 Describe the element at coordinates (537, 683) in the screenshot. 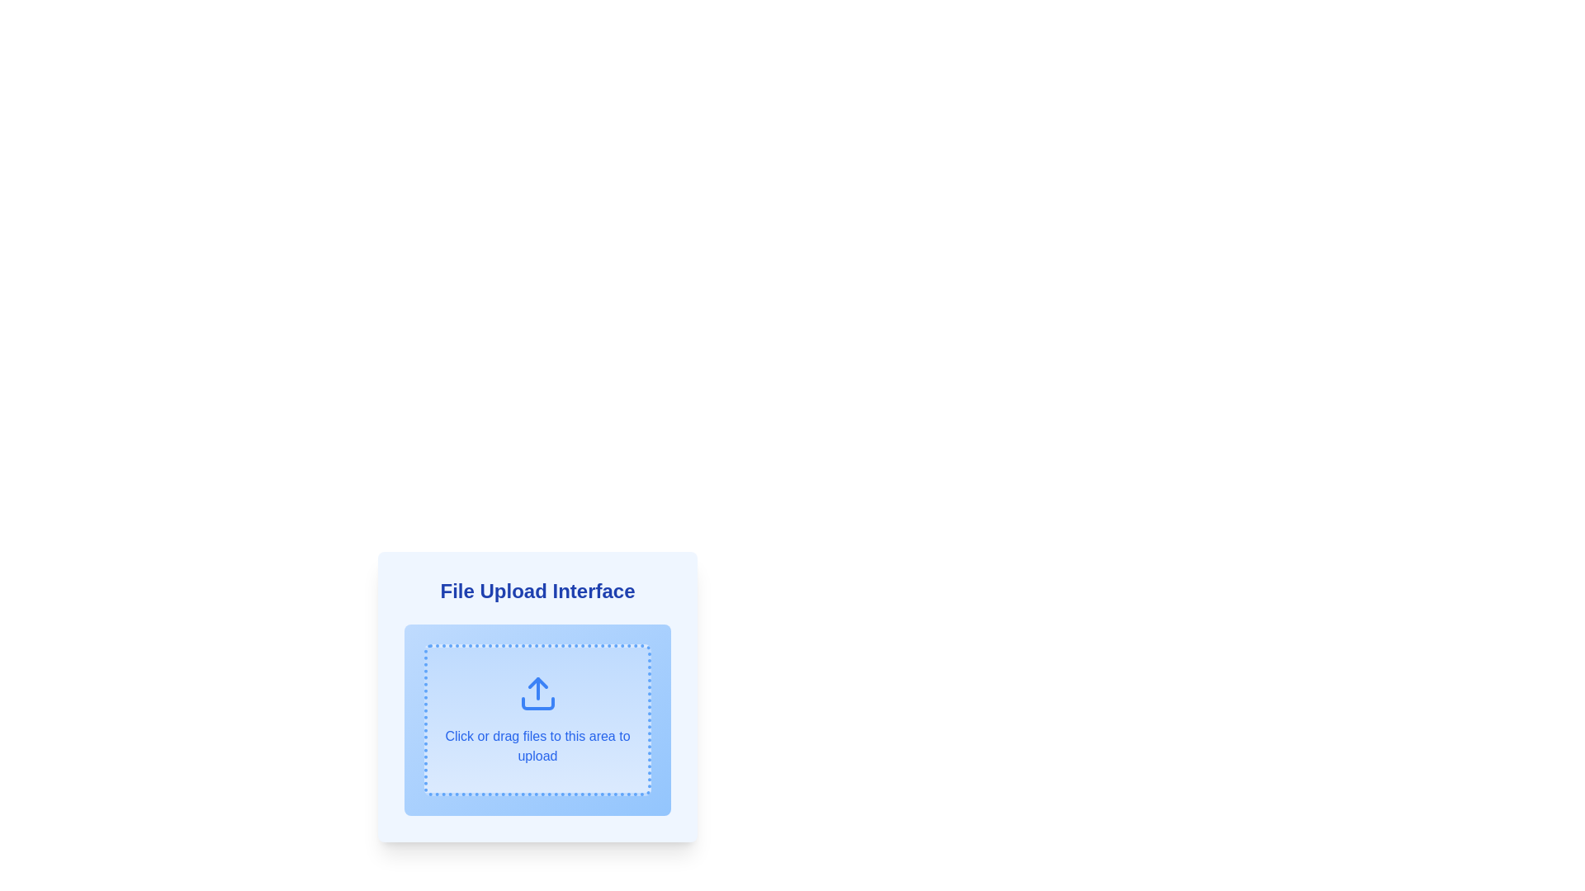

I see `the decorative SVG polygon element that suggests an upload action, positioned in the center of the file upload interface` at that location.